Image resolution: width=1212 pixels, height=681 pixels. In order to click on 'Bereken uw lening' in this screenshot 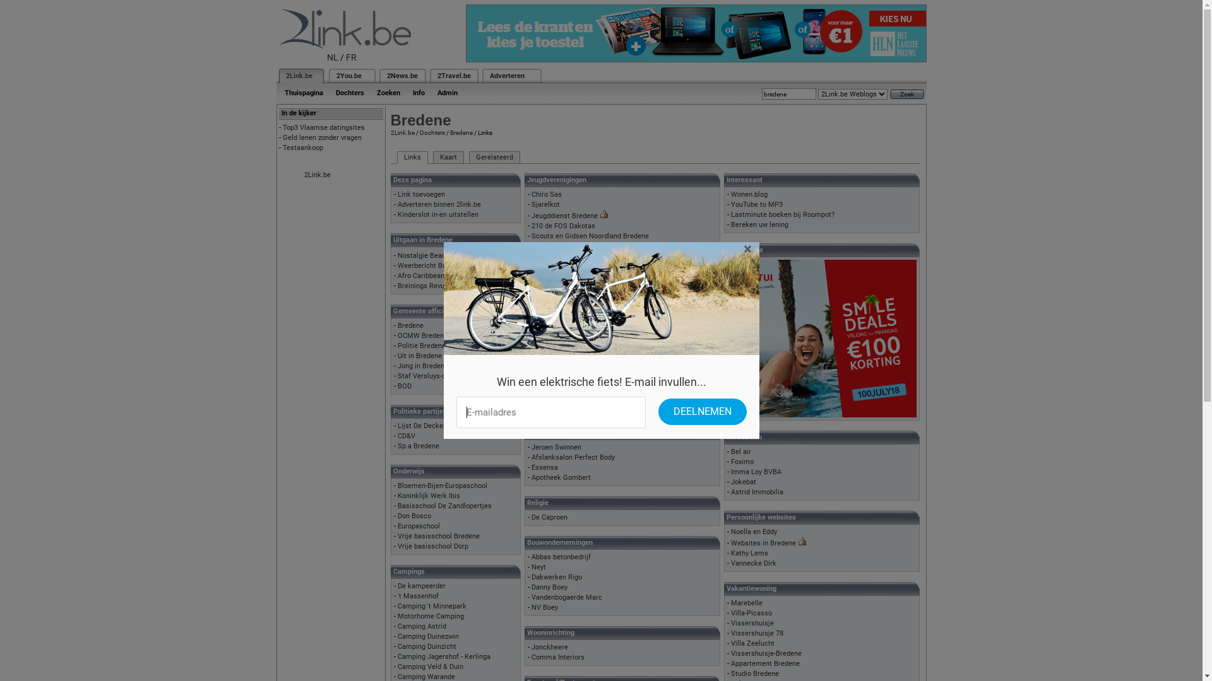, I will do `click(730, 224)`.